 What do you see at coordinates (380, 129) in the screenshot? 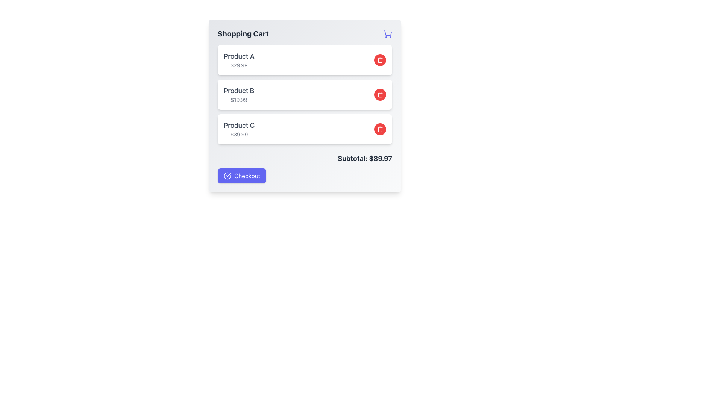
I see `the delete icon located to the right of 'Product C' priced at '$39.99' in the shopping cart` at bounding box center [380, 129].